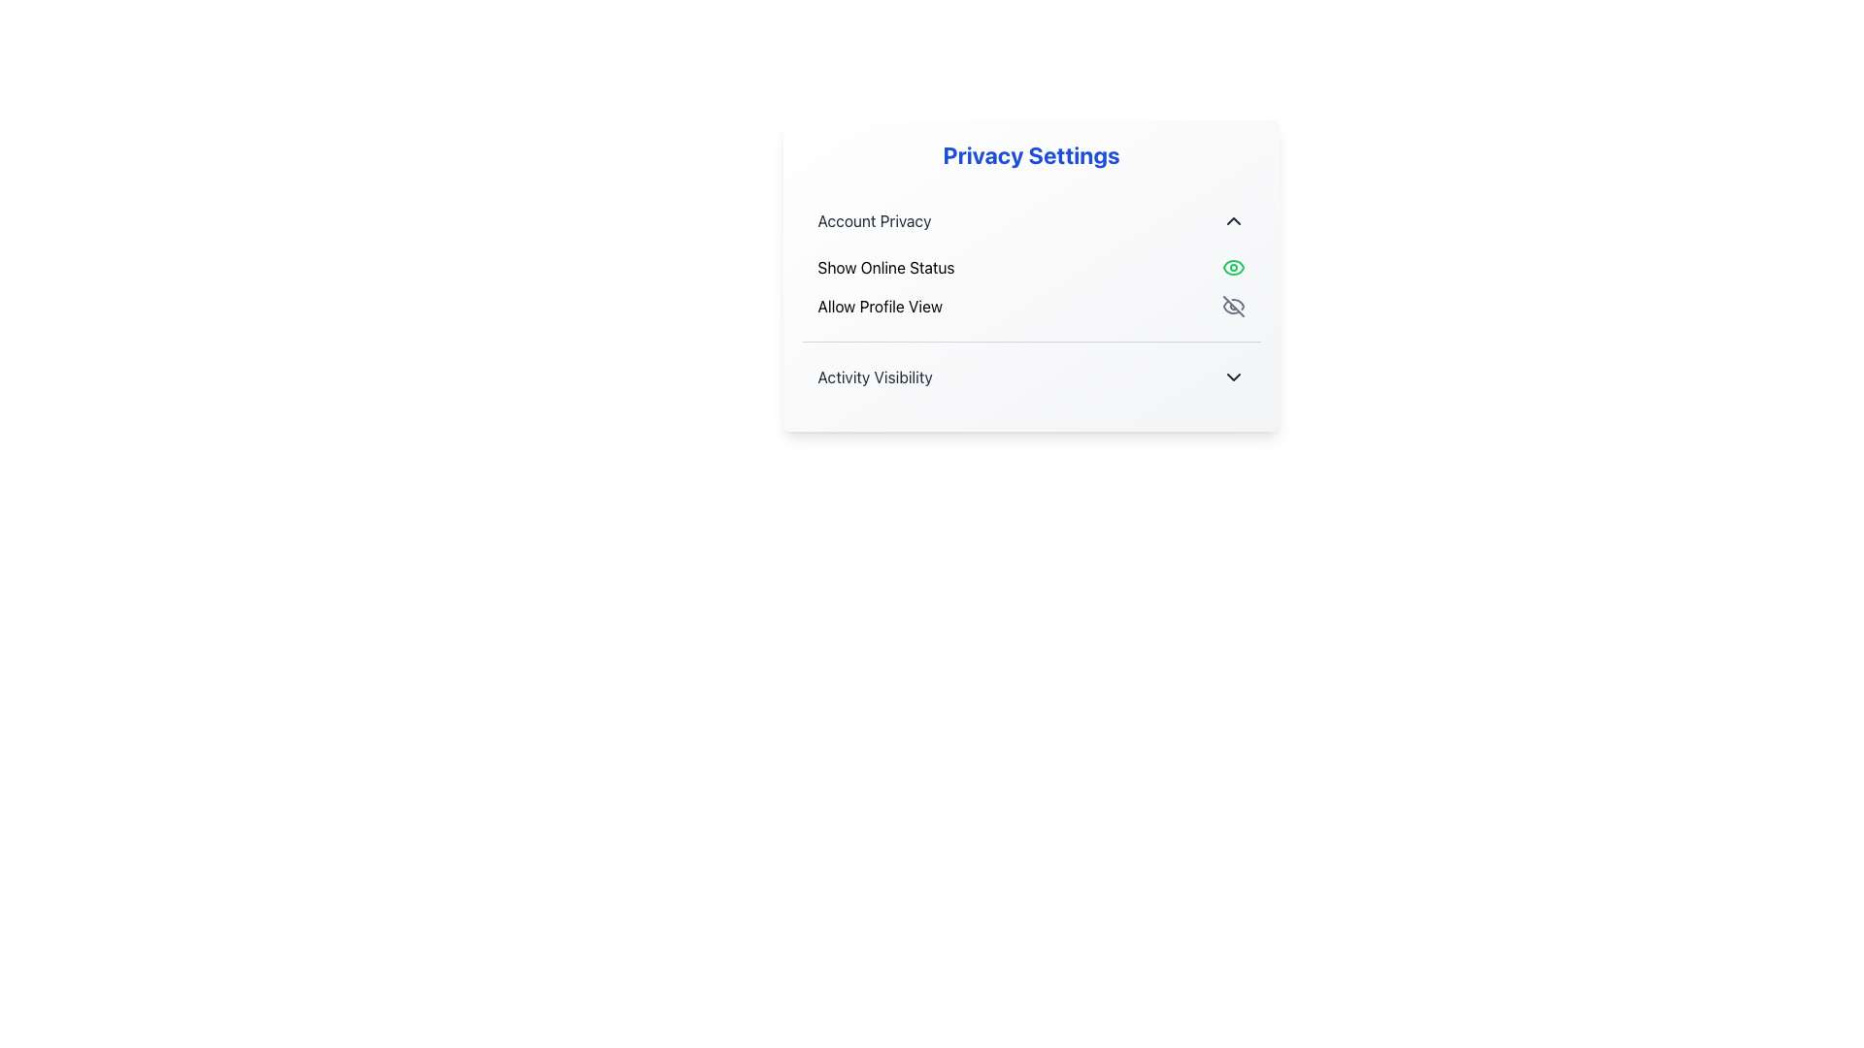 This screenshot has width=1864, height=1048. I want to click on the gray crossed-out eye SVG icon next to the 'Allow Profile View' text in the 'Privacy Settings' interface, so click(1232, 306).